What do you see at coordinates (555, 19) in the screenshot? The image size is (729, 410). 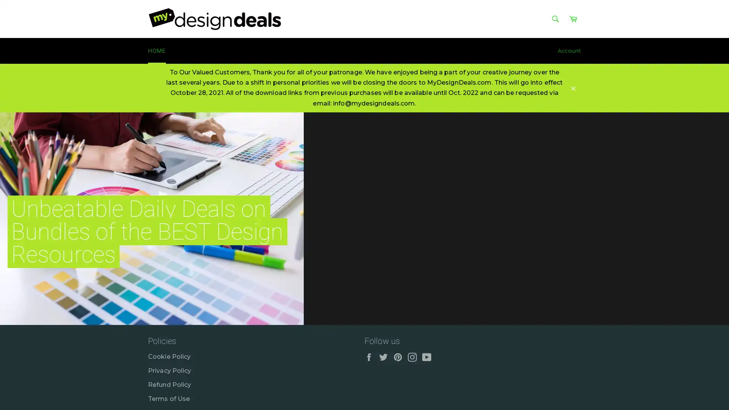 I see `Search` at bounding box center [555, 19].